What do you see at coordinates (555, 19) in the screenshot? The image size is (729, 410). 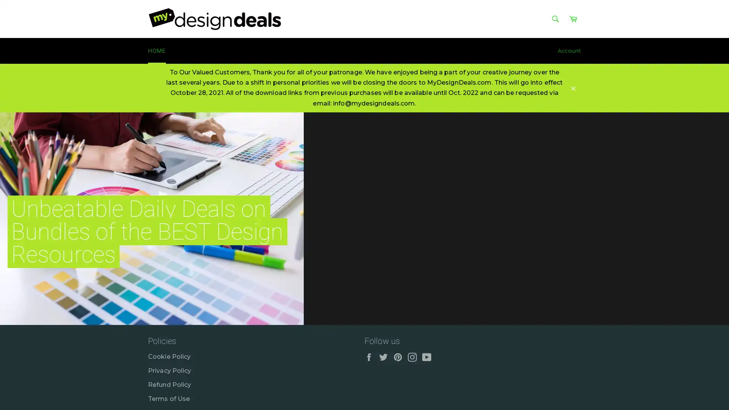 I see `Search` at bounding box center [555, 19].